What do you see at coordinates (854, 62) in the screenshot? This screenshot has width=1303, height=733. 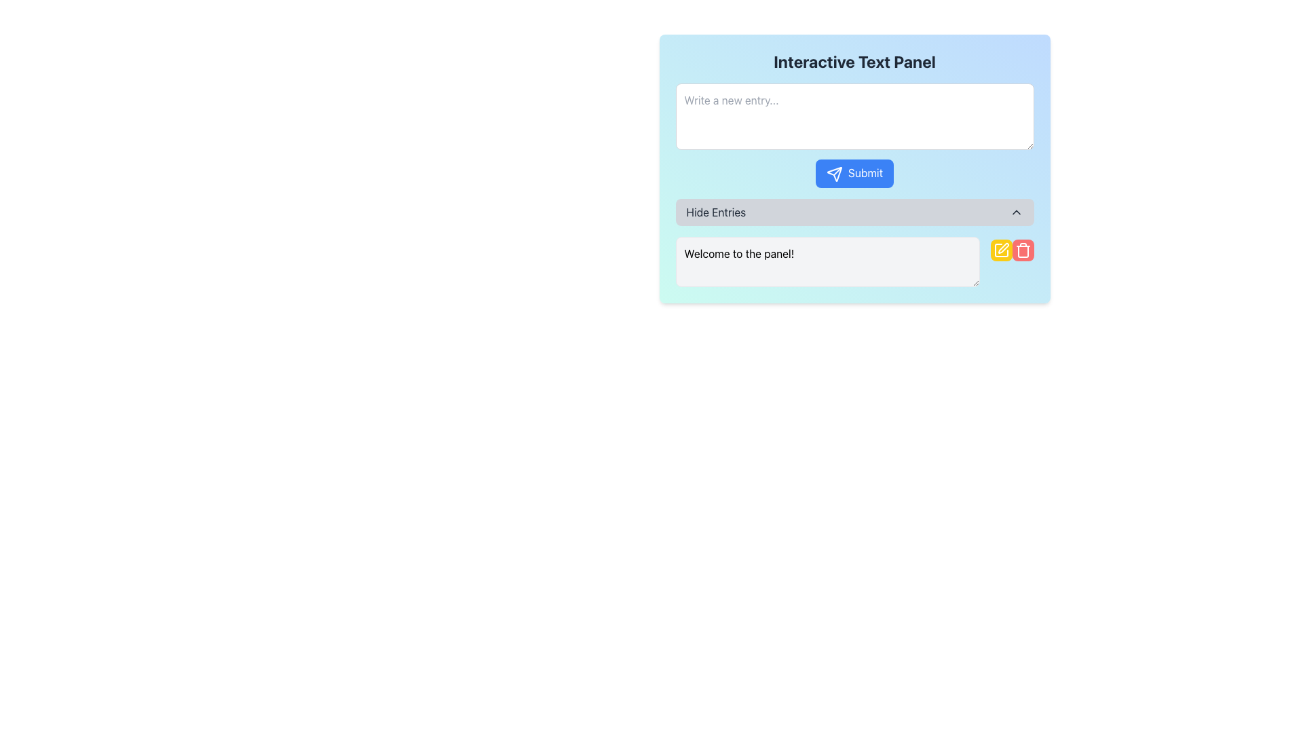 I see `the bold heading labeled 'Interactive Text Panel'` at bounding box center [854, 62].